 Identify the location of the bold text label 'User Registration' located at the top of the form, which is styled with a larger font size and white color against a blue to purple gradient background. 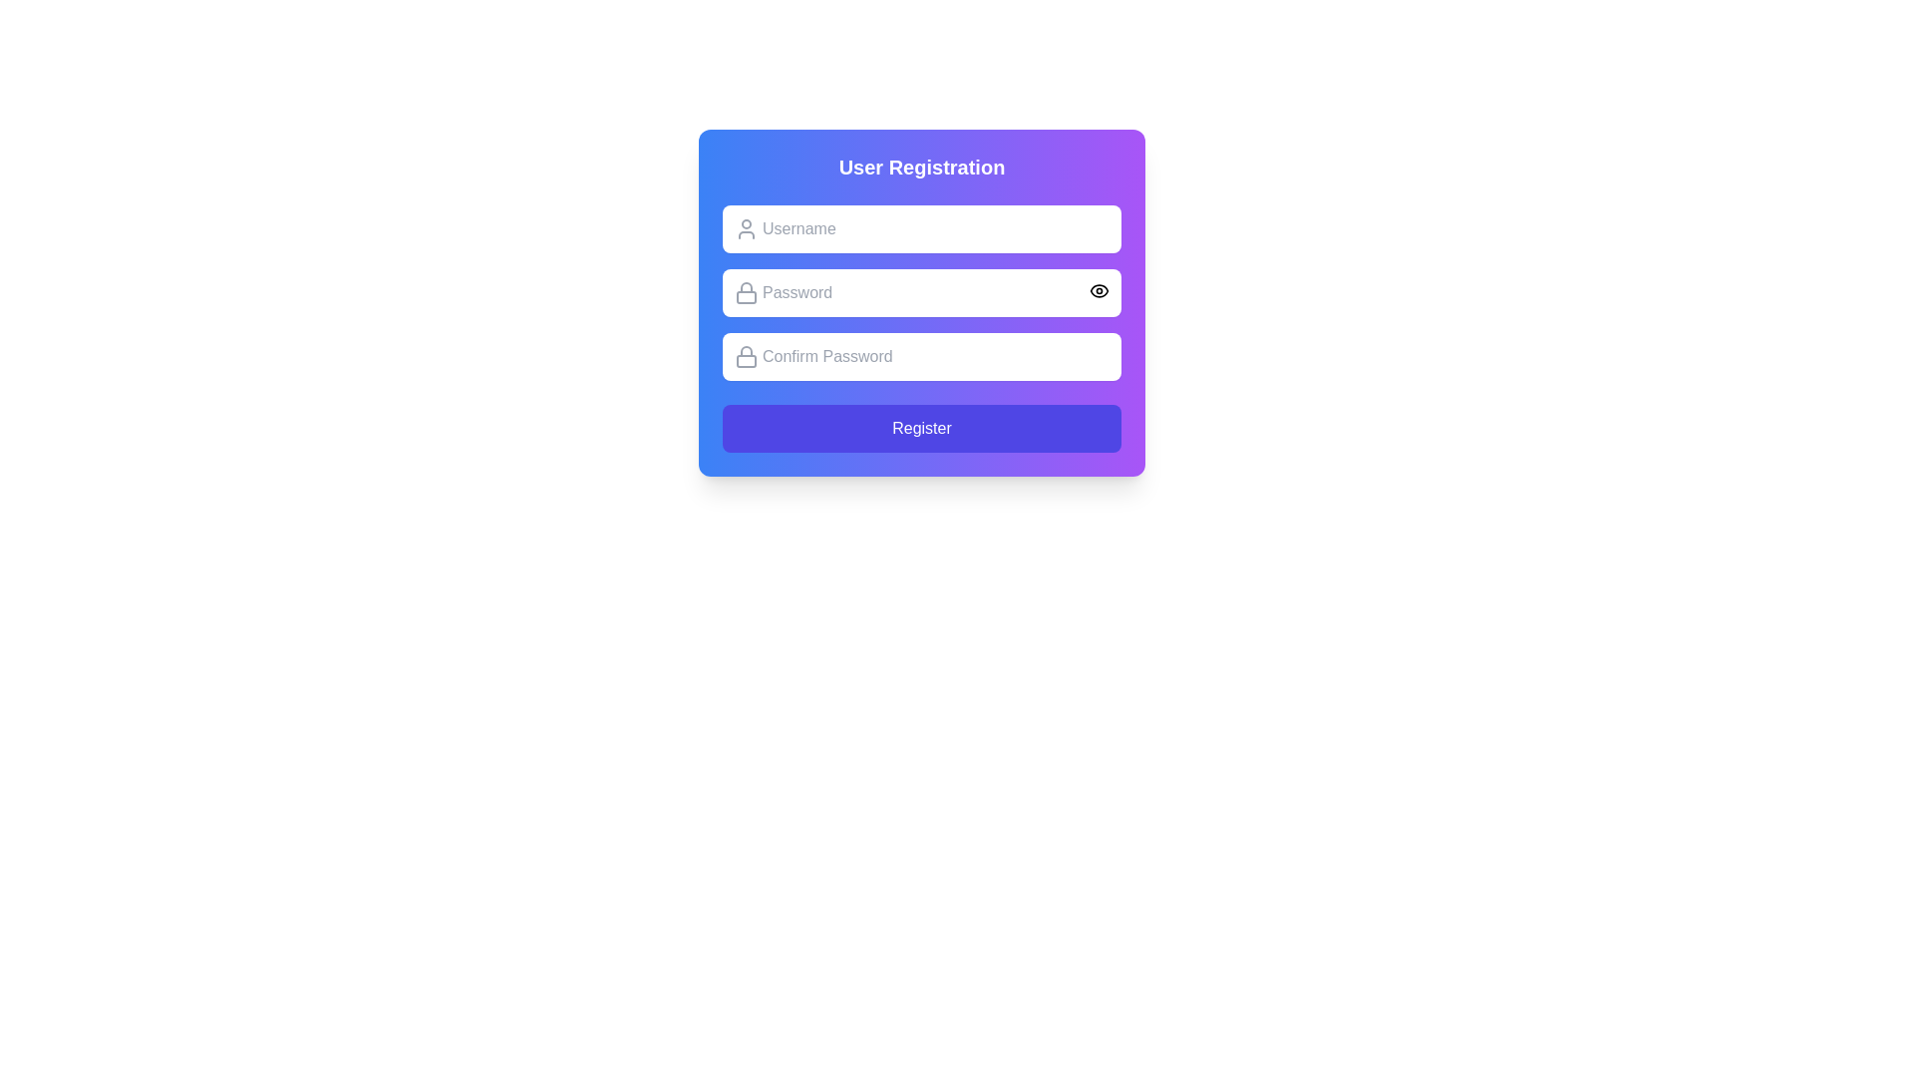
(921, 167).